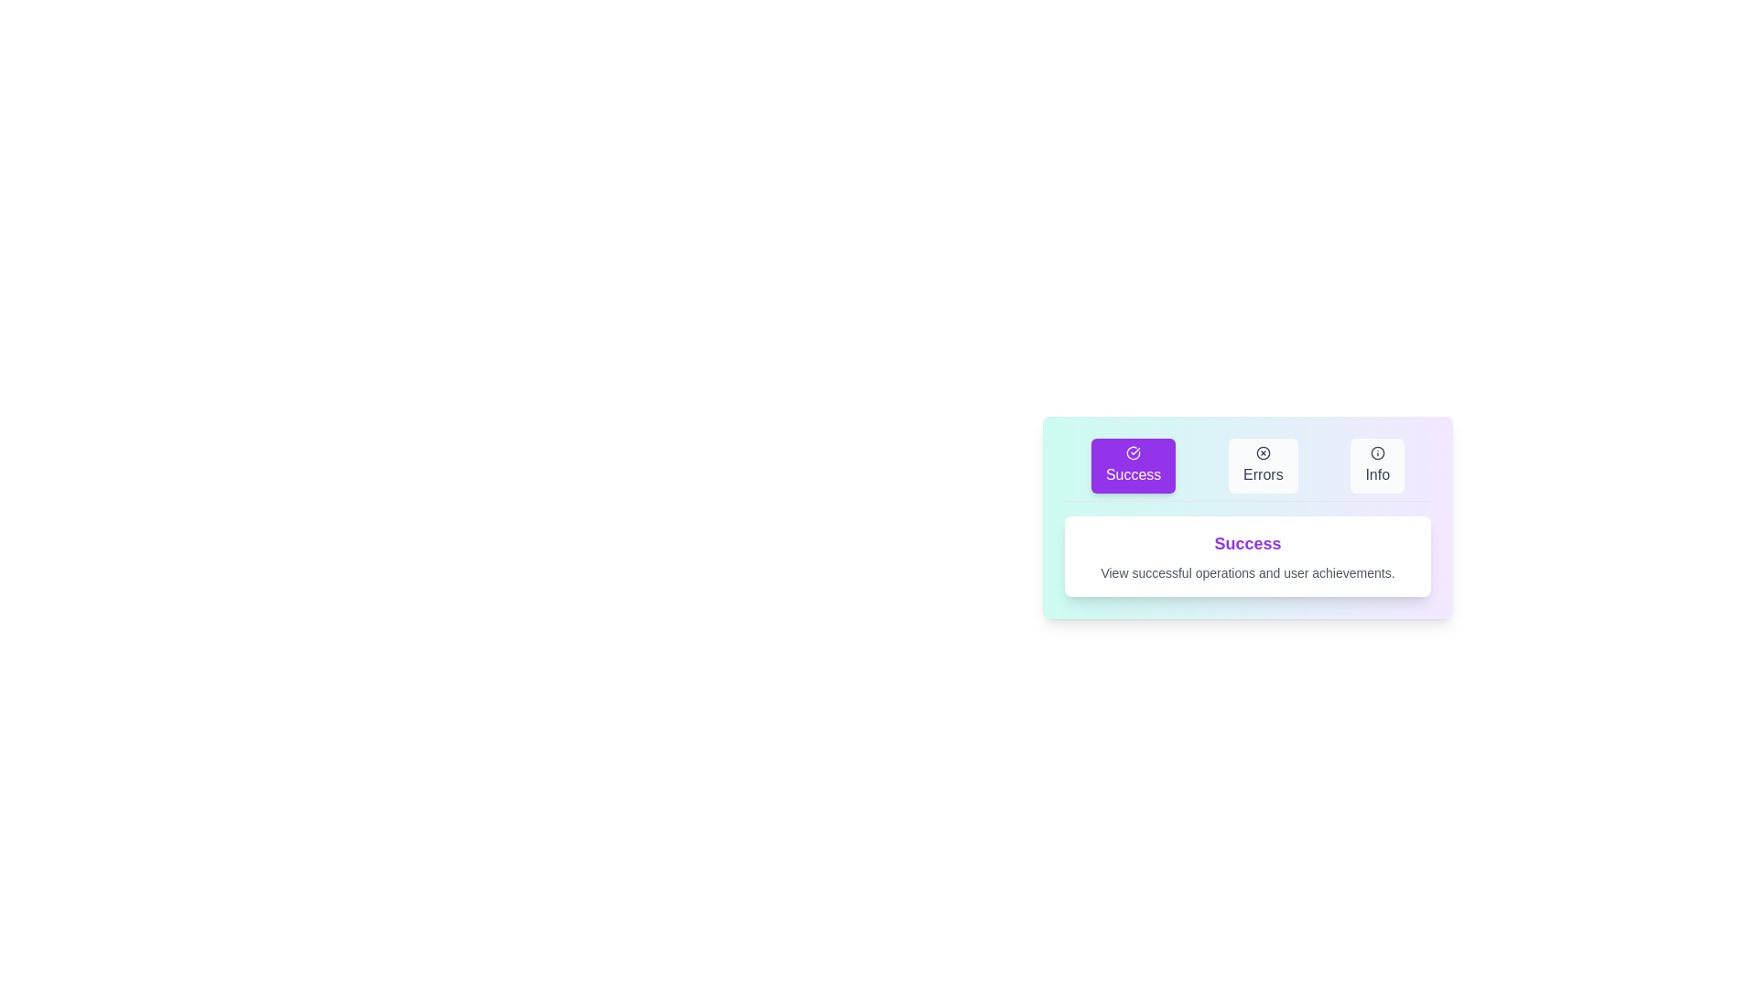 The width and height of the screenshot is (1758, 989). I want to click on the tab labeled Info to observe its hover effects, so click(1376, 465).